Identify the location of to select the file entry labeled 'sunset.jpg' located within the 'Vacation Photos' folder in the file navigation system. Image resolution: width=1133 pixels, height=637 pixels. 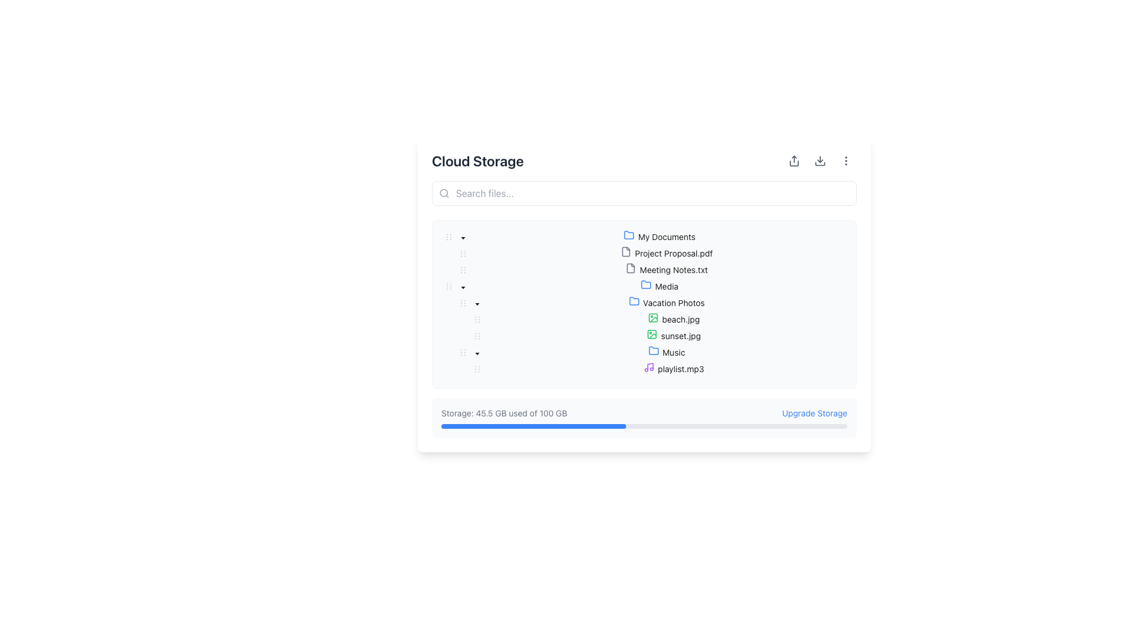
(643, 336).